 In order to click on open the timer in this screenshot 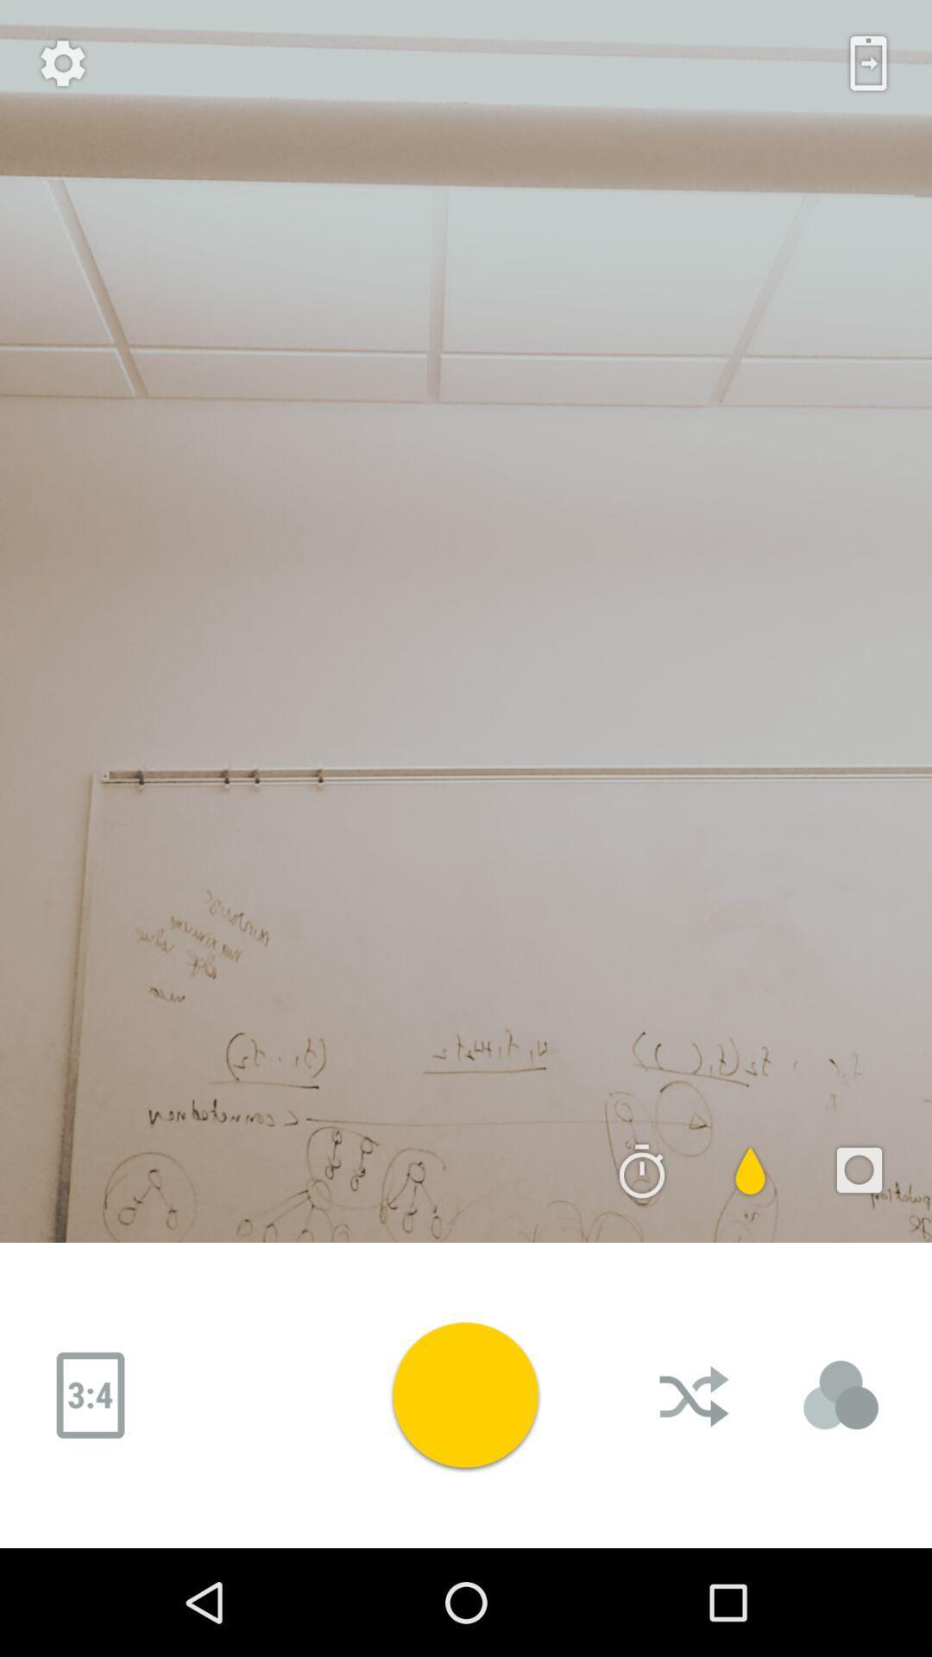, I will do `click(642, 1170)`.